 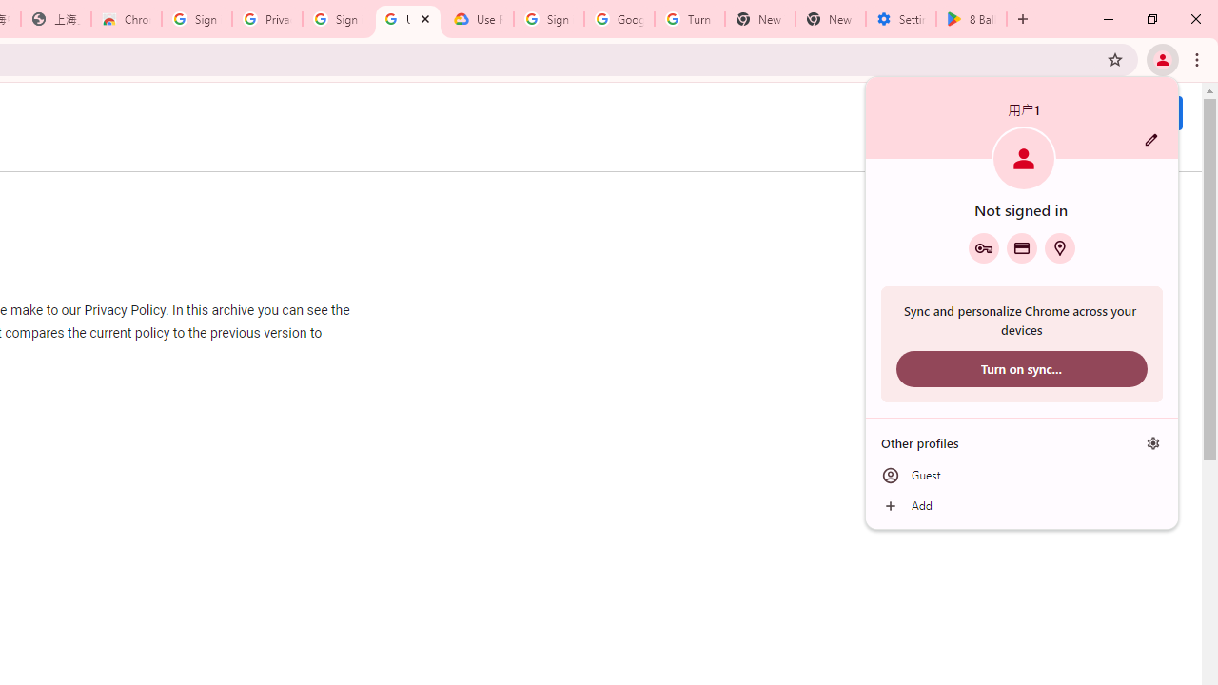 What do you see at coordinates (619, 19) in the screenshot?
I see `'Google Account Help'` at bounding box center [619, 19].